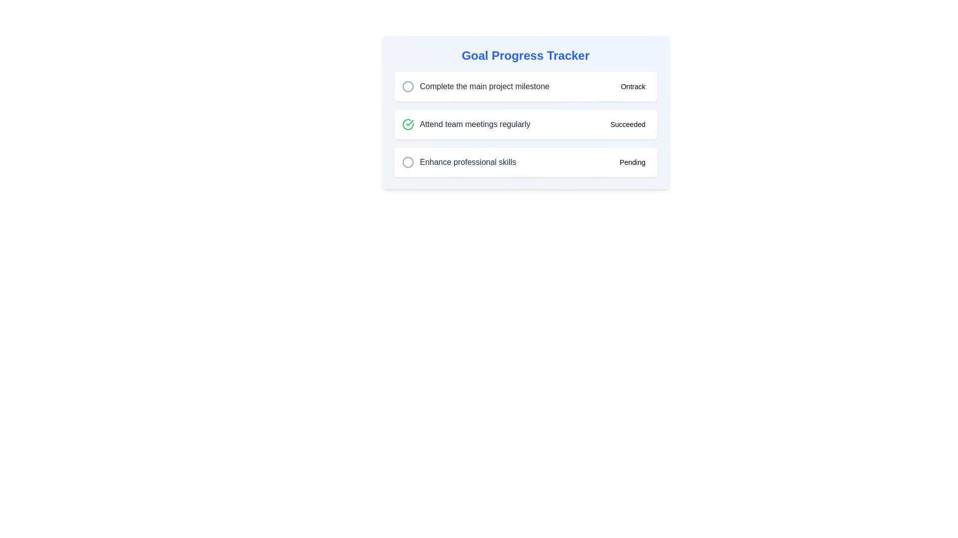  Describe the element at coordinates (408, 86) in the screenshot. I see `the gray circular indicator (SVG Circle) that is the first of three icons in the vertical stack within the 'Goal Progress Tracker' box, associated with the text 'Complete the main project milestone.'` at that location.